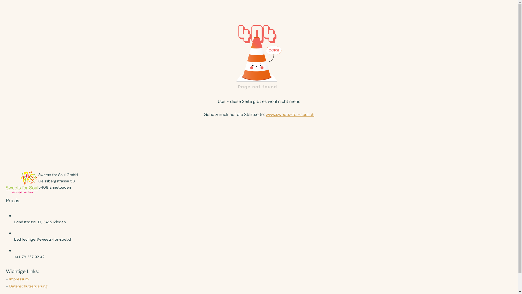 This screenshot has height=294, width=522. Describe the element at coordinates (259, 55) in the screenshot. I see `'404 img alpha-8 (1)'` at that location.